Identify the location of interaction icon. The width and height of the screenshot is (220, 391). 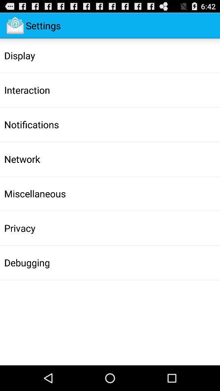
(27, 90).